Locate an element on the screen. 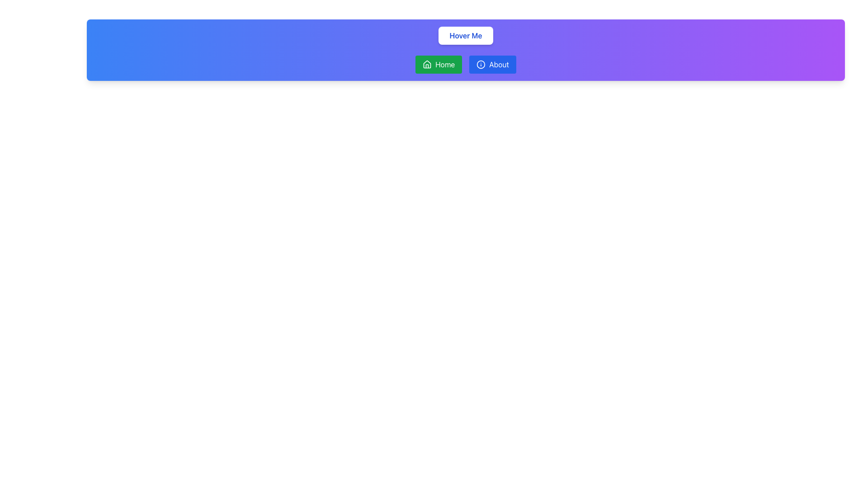  the green 'Home' button with a white house icon is located at coordinates (439, 64).